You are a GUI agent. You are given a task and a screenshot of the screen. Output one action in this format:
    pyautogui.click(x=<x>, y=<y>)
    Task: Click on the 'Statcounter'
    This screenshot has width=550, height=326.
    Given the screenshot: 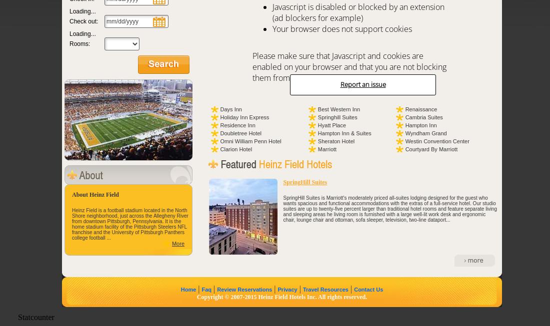 What is the action you would take?
    pyautogui.click(x=17, y=317)
    